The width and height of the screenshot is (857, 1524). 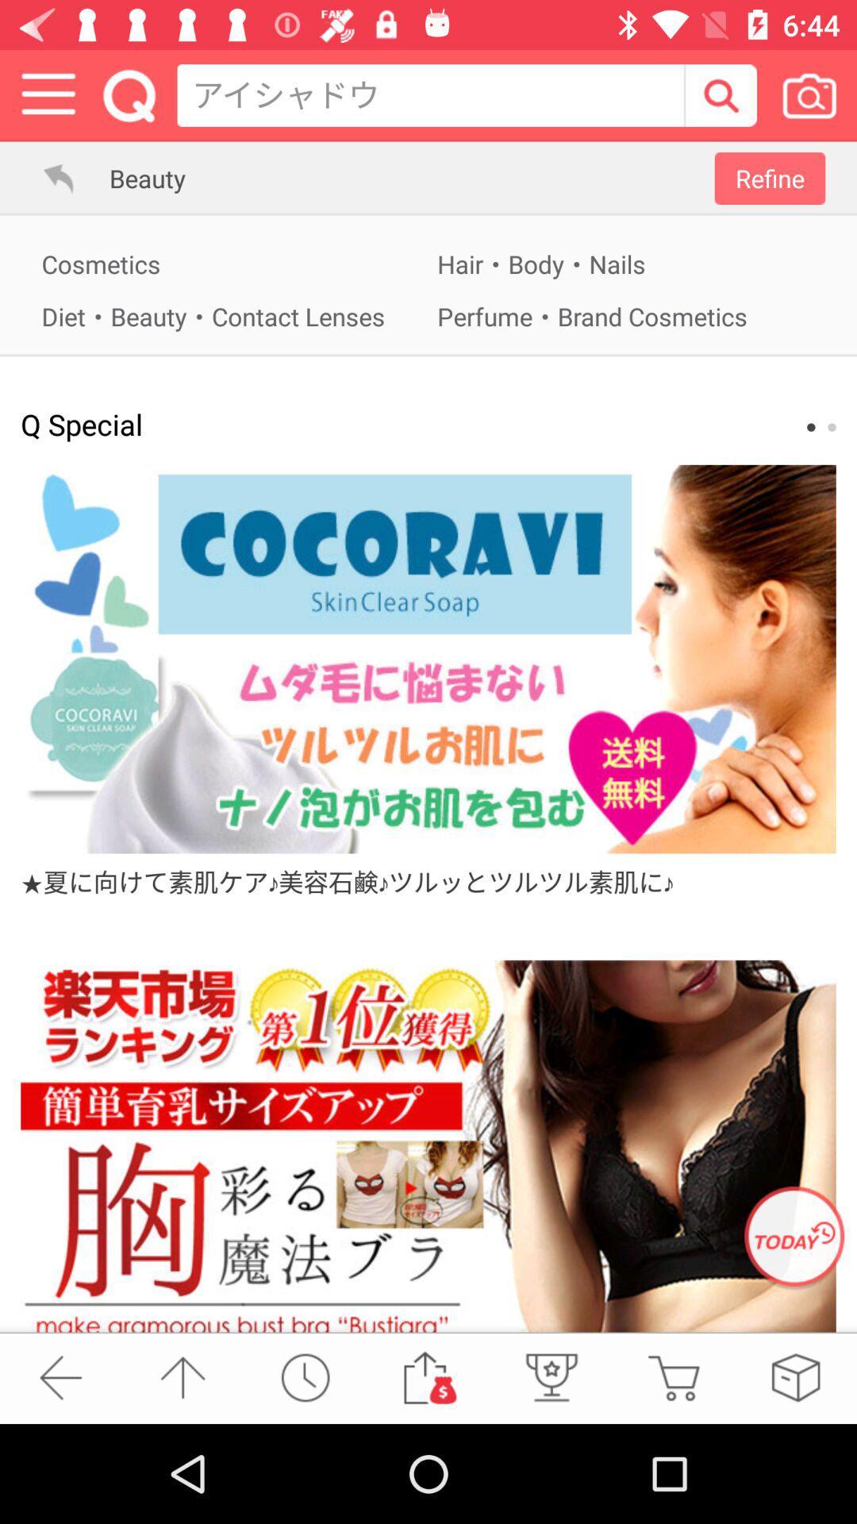 I want to click on the favorite icon, so click(x=795, y=1376).